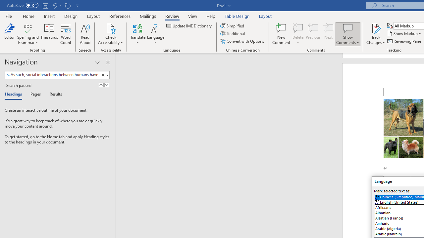  I want to click on 'Check Accessibility', so click(111, 28).